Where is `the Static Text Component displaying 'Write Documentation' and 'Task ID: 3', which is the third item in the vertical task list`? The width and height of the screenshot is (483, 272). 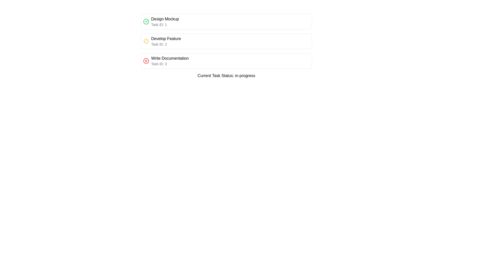
the Static Text Component displaying 'Write Documentation' and 'Task ID: 3', which is the third item in the vertical task list is located at coordinates (170, 61).